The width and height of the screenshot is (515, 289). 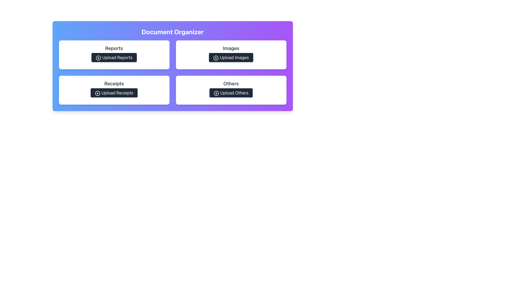 What do you see at coordinates (216, 93) in the screenshot?
I see `the icon that signifies the action for adding or uploading items, located to the left of the 'Upload Others' button in the bottom-right section of the grid layout` at bounding box center [216, 93].